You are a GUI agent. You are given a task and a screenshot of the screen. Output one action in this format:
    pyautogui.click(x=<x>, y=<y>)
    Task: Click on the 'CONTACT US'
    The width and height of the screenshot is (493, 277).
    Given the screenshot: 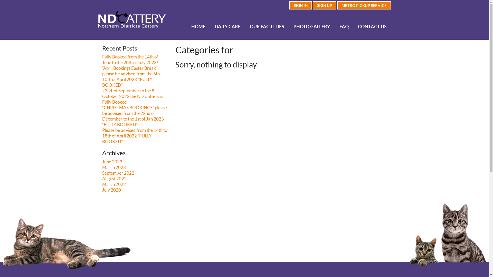 What is the action you would take?
    pyautogui.click(x=353, y=26)
    